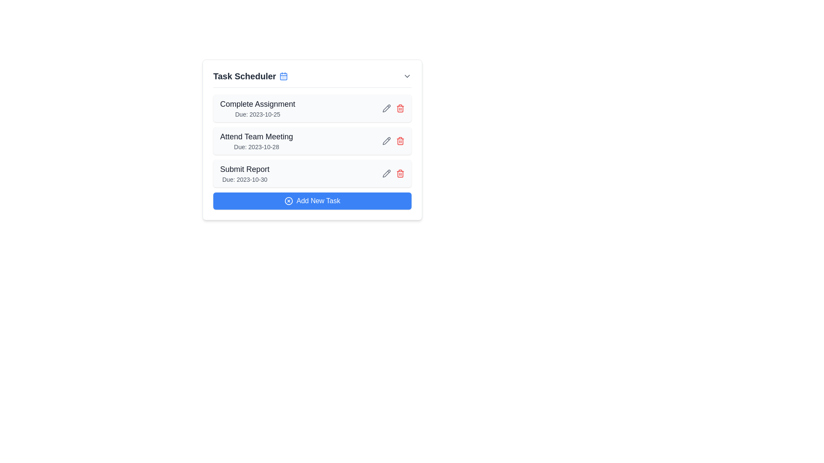 The image size is (824, 463). What do you see at coordinates (288, 201) in the screenshot?
I see `the 'Add New Task' button which contains the icon indicating its functionality, located at the center of the button` at bounding box center [288, 201].